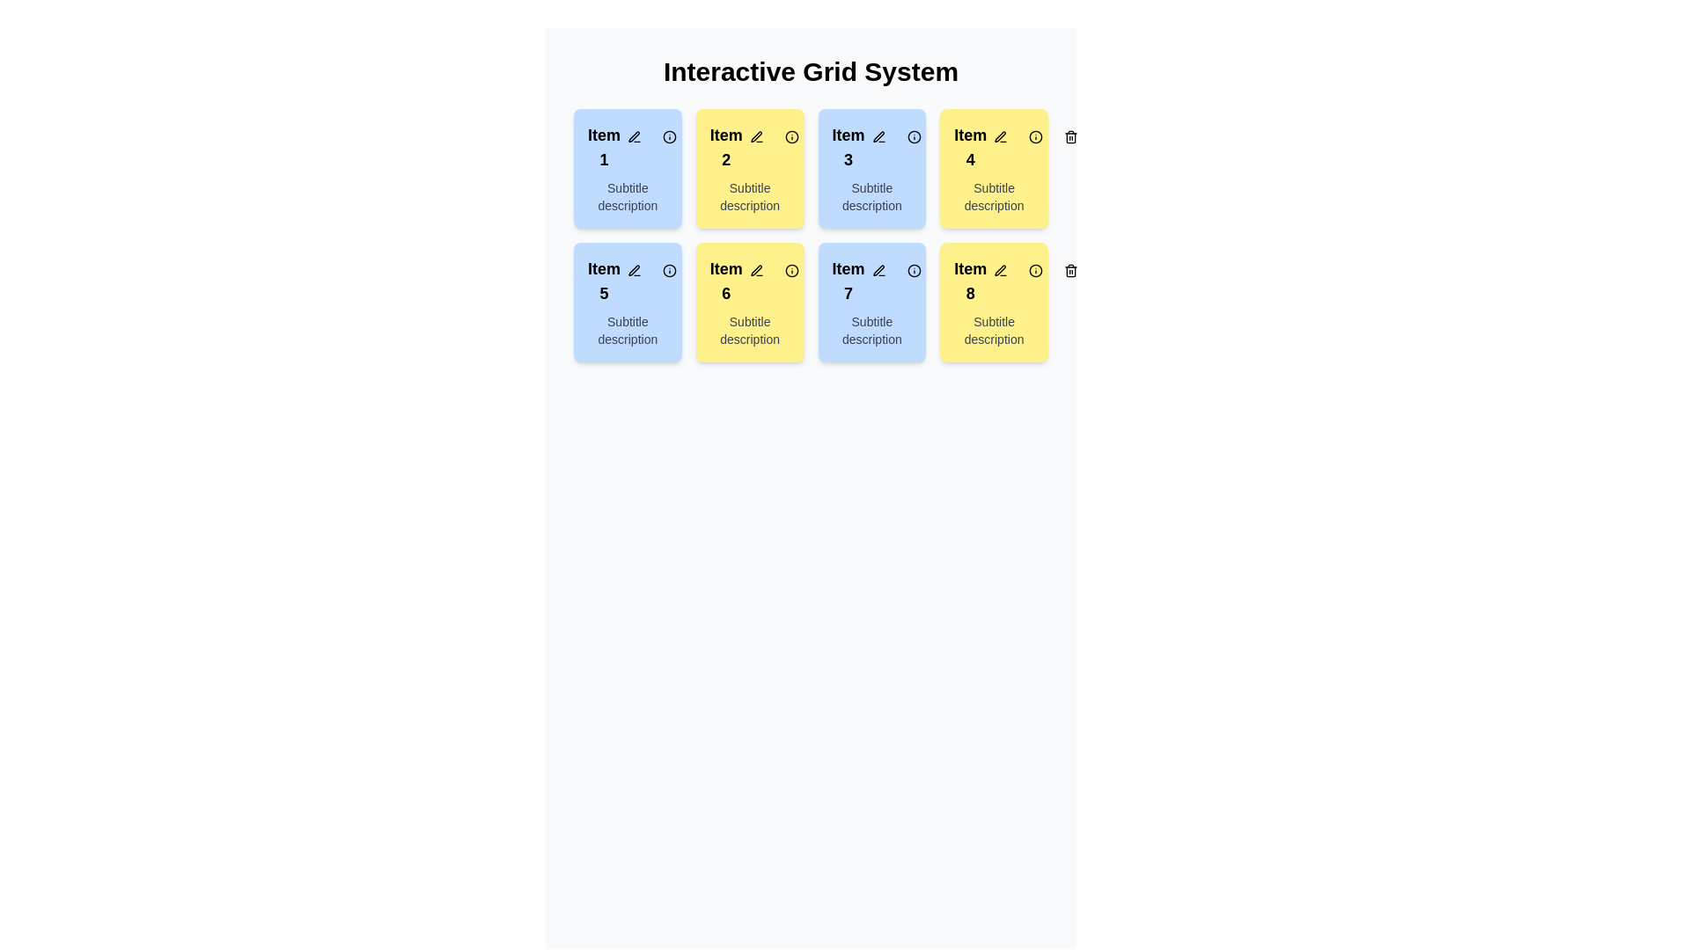  What do you see at coordinates (634, 271) in the screenshot?
I see `the edit icon located in the top-right section of the fifth tile labeled 'Item 5'` at bounding box center [634, 271].